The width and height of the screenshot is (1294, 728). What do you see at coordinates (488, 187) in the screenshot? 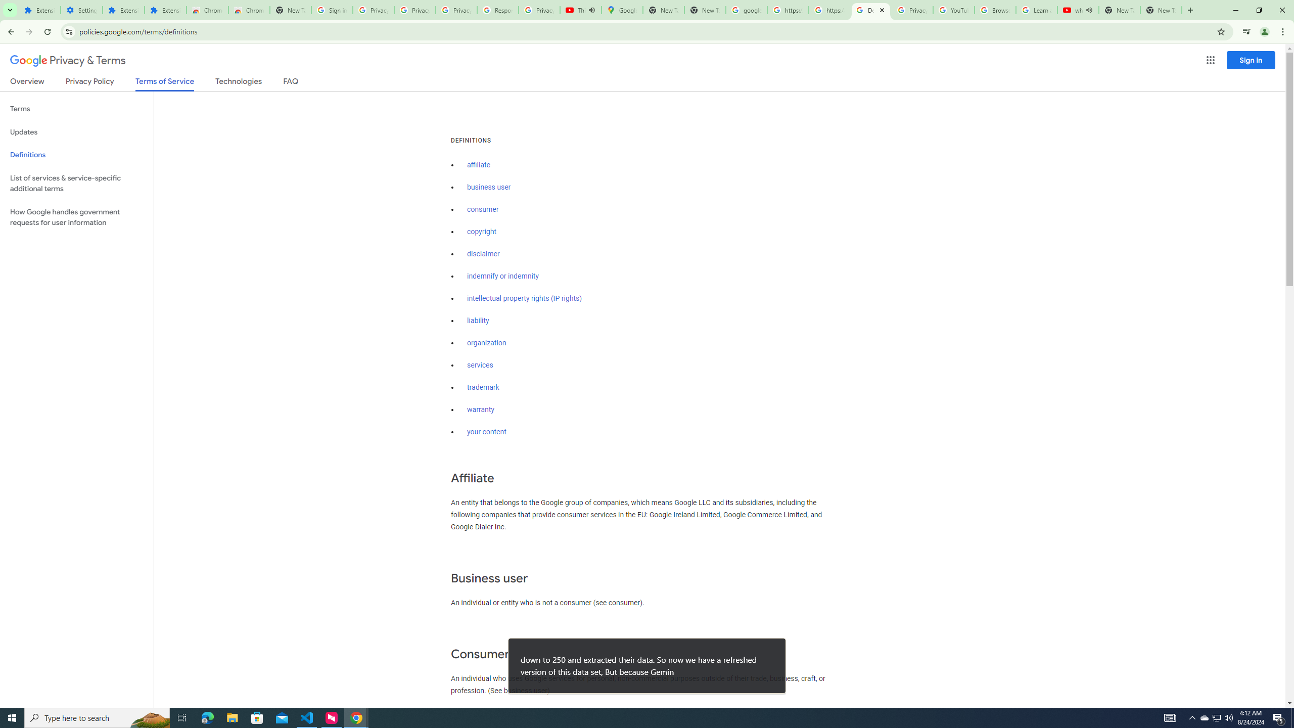
I see `'business user'` at bounding box center [488, 187].